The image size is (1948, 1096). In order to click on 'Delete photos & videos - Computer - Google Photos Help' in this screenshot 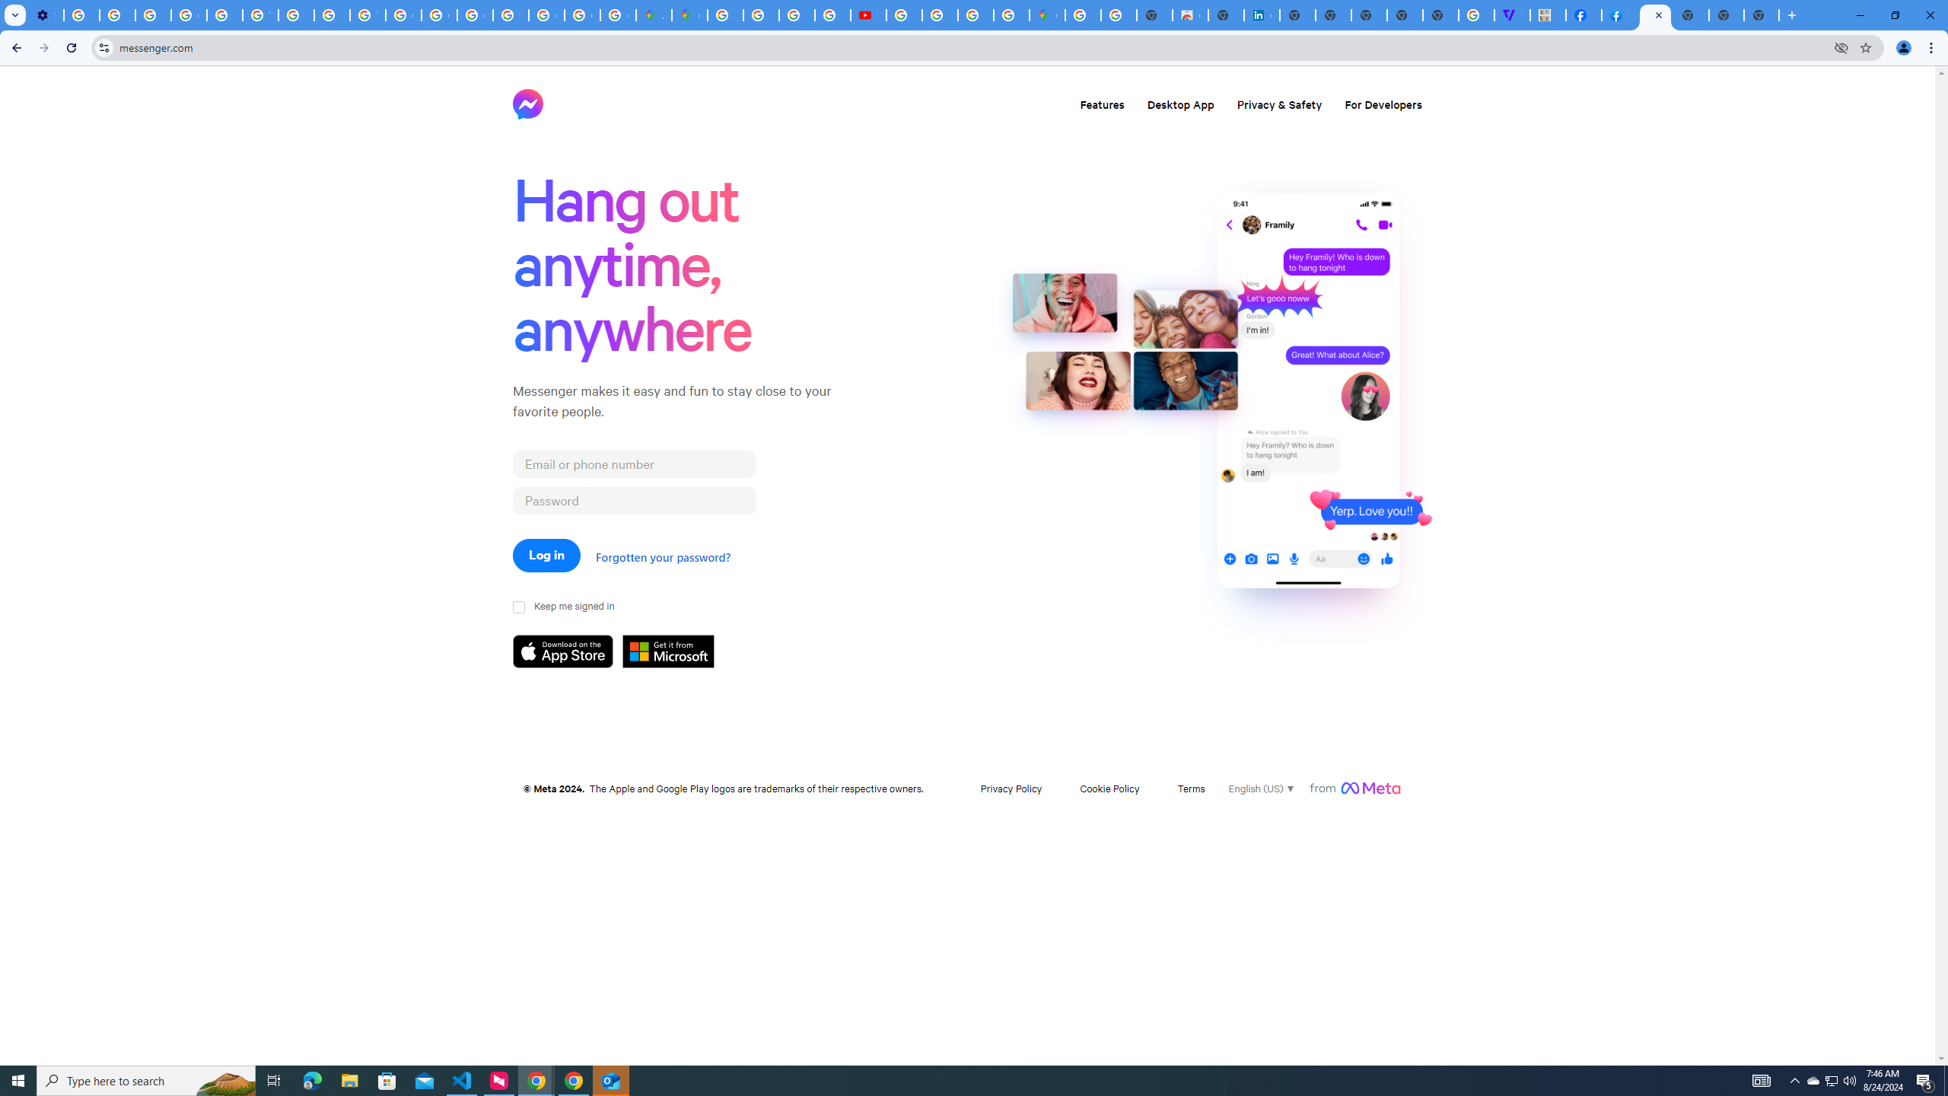, I will do `click(81, 14)`.